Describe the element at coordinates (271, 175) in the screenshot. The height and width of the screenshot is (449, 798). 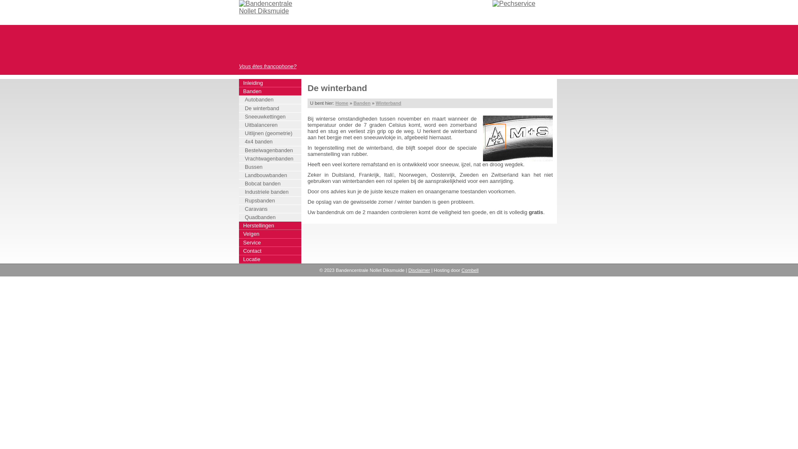
I see `'Landbouwbanden'` at that location.